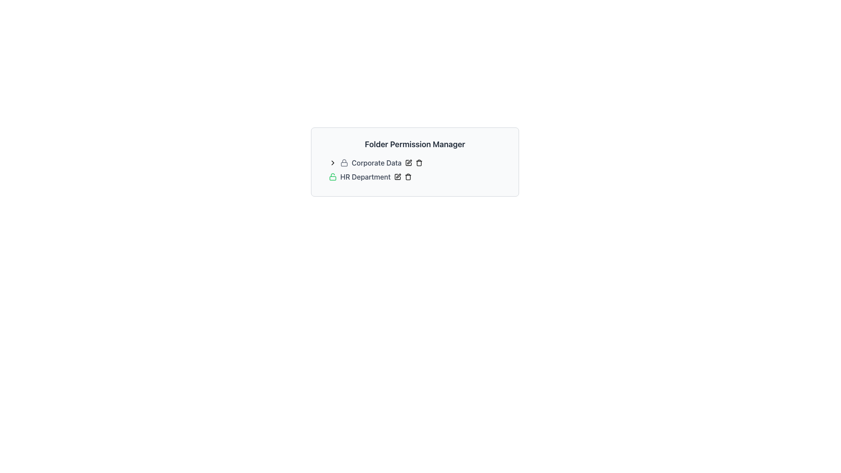  I want to click on the icon button representing editing or selection functionality located to the right of the 'HR Department' label, before the trash can icon, so click(397, 177).